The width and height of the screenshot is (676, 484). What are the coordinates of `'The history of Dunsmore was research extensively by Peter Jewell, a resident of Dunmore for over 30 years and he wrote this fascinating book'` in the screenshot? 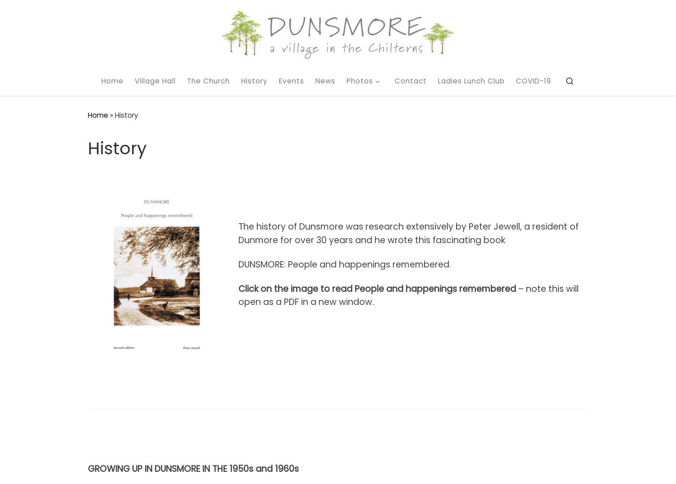 It's located at (408, 233).